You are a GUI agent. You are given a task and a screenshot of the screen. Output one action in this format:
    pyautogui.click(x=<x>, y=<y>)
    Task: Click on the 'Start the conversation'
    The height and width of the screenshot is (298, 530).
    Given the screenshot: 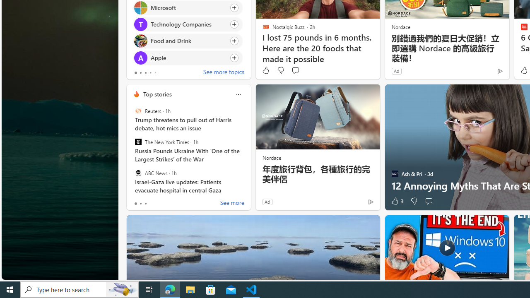 What is the action you would take?
    pyautogui.click(x=429, y=201)
    